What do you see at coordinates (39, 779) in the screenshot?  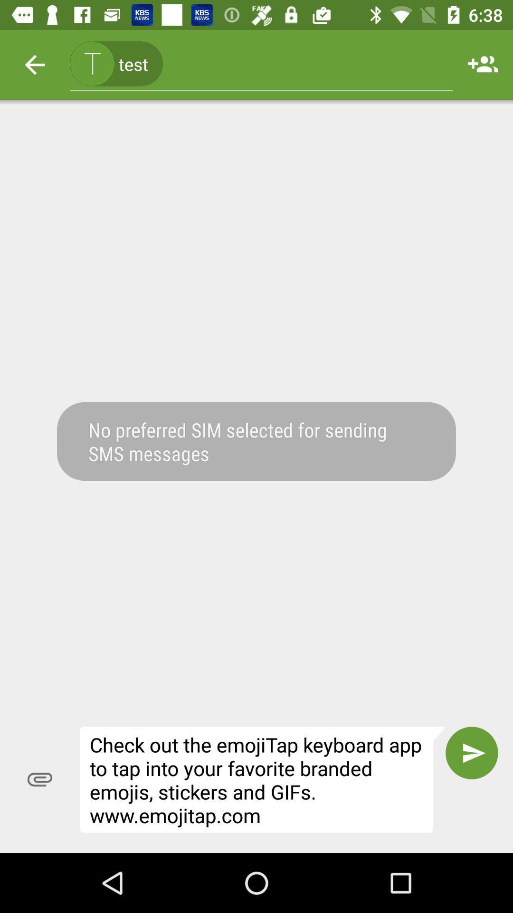 I see `the icon at the bottom left corner` at bounding box center [39, 779].